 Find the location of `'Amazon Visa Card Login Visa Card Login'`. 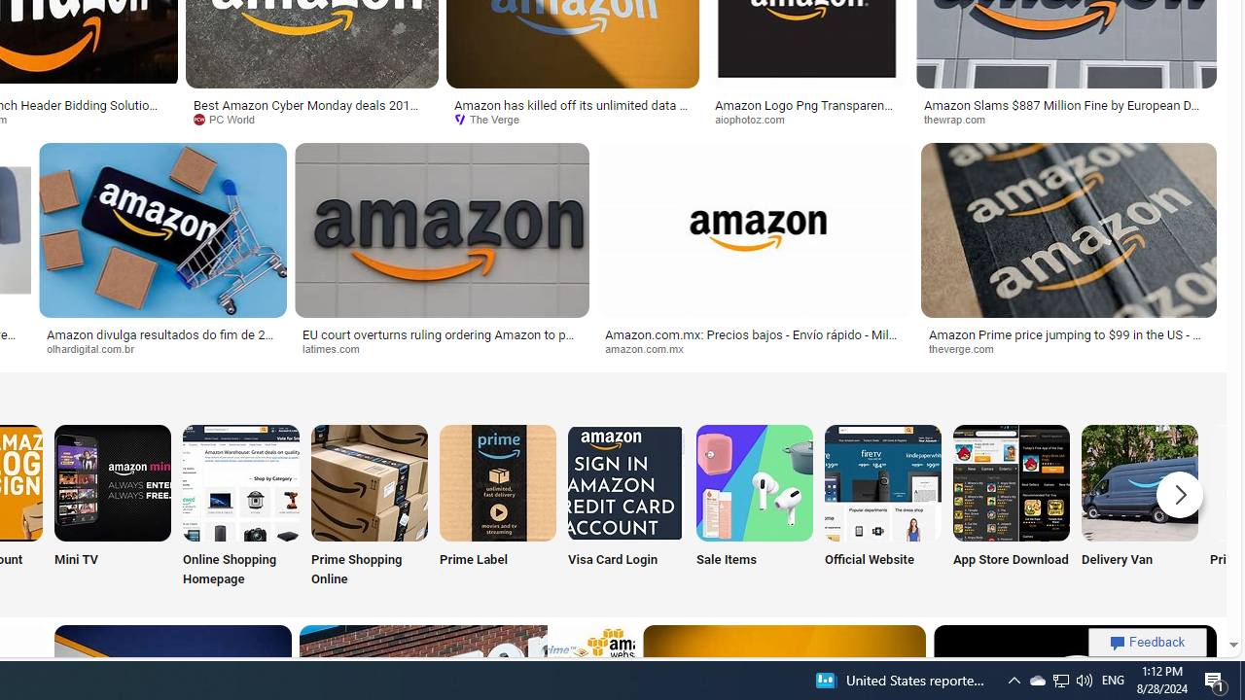

'Amazon Visa Card Login Visa Card Login' is located at coordinates (625, 507).